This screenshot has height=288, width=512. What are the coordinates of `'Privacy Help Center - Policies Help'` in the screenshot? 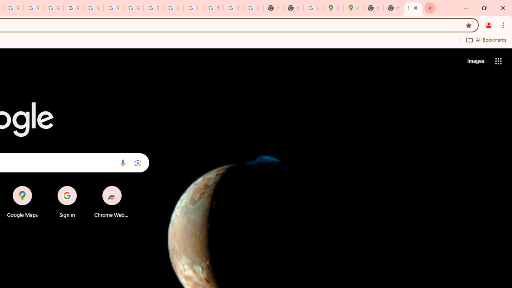 It's located at (52, 8).